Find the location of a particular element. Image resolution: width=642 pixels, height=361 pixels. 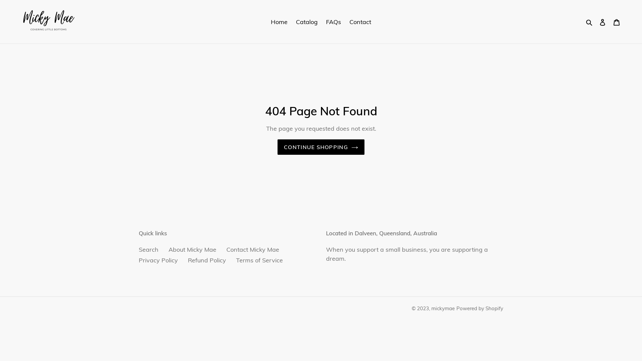

'Refund Policy' is located at coordinates (207, 260).